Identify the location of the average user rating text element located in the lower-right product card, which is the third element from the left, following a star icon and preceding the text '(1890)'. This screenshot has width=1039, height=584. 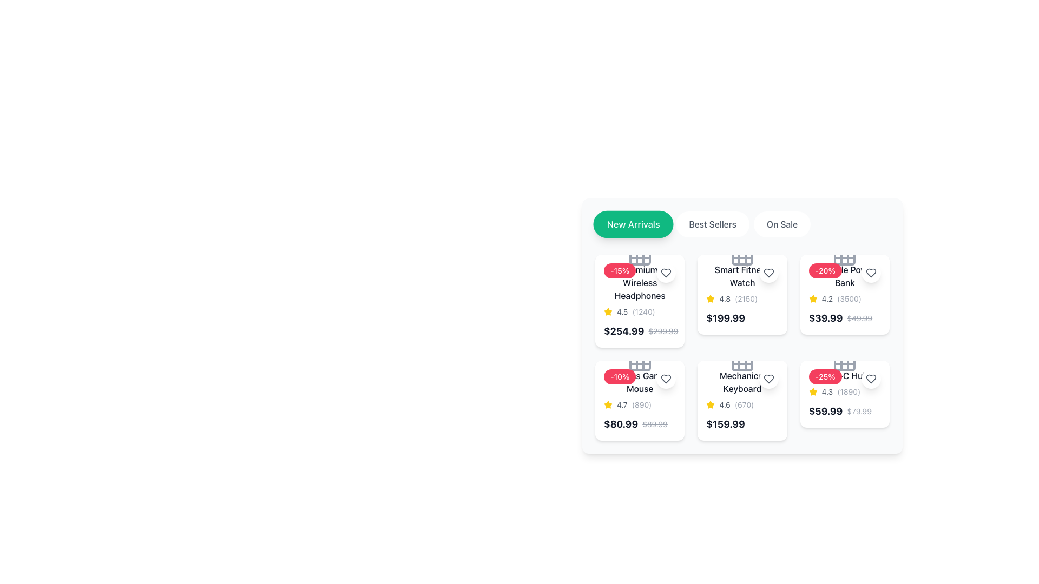
(826, 392).